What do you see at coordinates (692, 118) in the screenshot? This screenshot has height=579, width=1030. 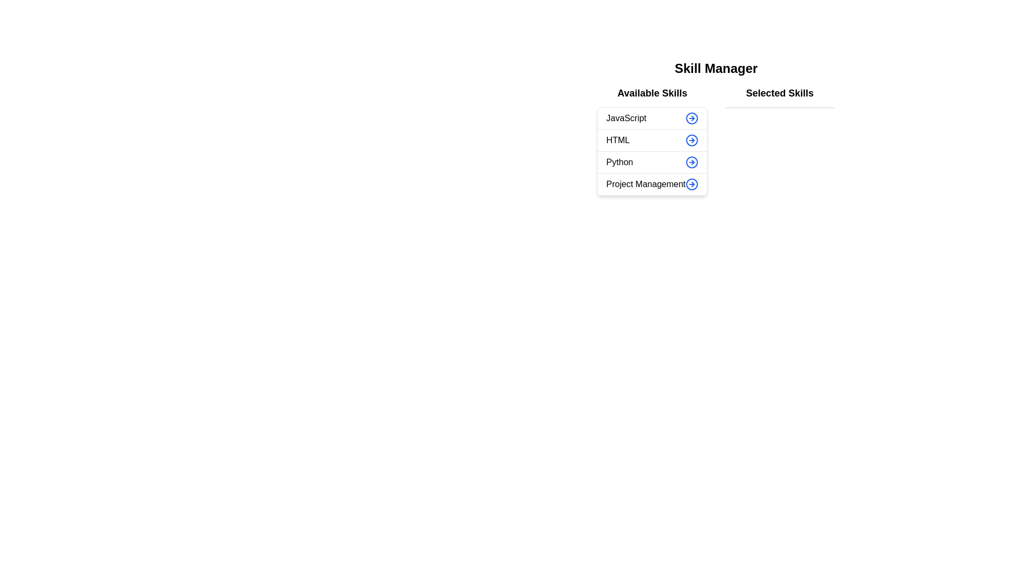 I see `arrow button next to the skill 'JavaScript' in the 'Available Skills' list to transfer it to the 'Selected Skills' list` at bounding box center [692, 118].